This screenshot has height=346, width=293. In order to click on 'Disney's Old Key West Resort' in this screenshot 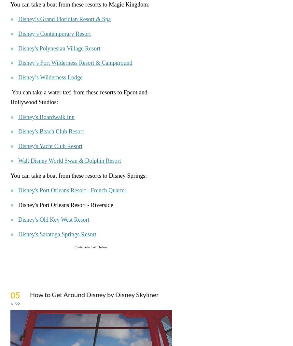, I will do `click(18, 219)`.